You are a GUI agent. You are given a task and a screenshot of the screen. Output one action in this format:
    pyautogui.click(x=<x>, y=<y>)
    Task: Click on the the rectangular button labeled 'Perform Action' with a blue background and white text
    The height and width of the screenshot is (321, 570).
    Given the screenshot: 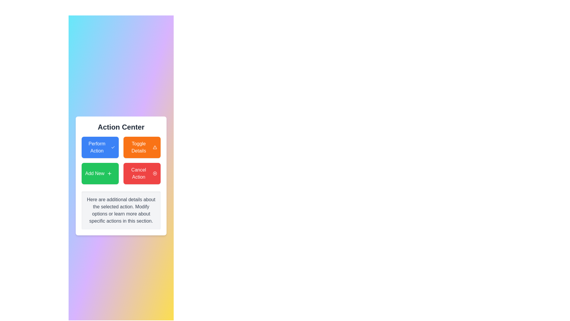 What is the action you would take?
    pyautogui.click(x=100, y=147)
    